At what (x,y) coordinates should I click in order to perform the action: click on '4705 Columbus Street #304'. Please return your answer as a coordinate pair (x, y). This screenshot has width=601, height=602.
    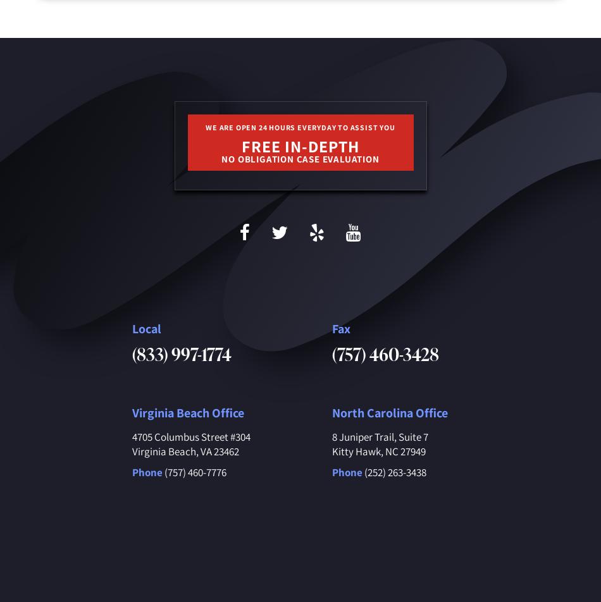
    Looking at the image, I should click on (190, 436).